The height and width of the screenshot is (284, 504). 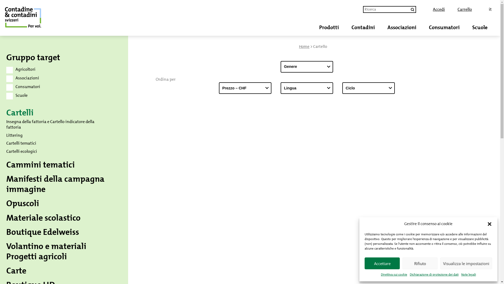 I want to click on 'Manifesti della campagna immagine', so click(x=55, y=184).